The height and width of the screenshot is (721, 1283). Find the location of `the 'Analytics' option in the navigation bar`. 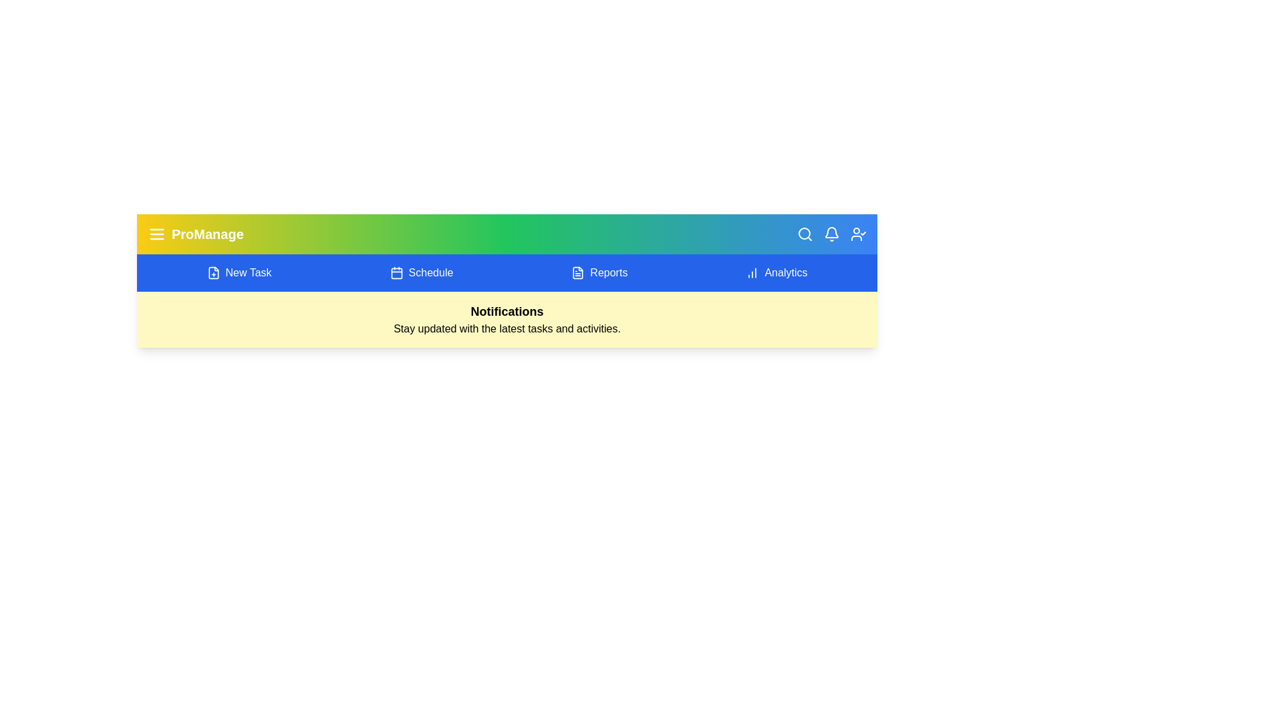

the 'Analytics' option in the navigation bar is located at coordinates (776, 272).